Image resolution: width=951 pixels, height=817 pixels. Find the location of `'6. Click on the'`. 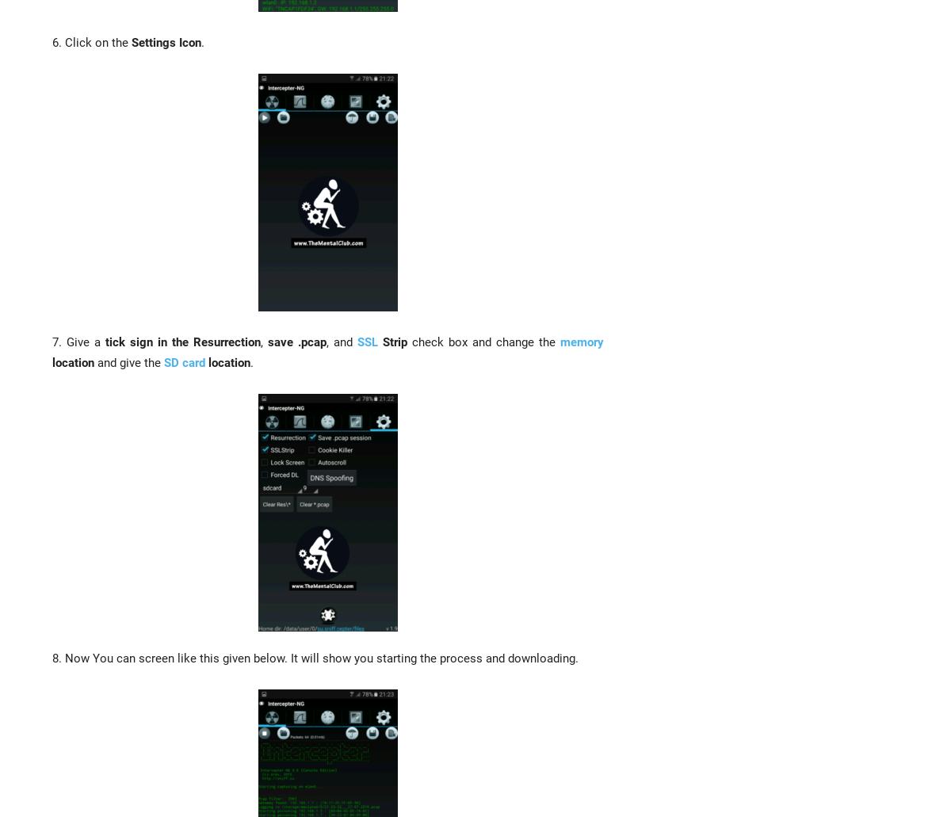

'6. Click on the' is located at coordinates (92, 41).